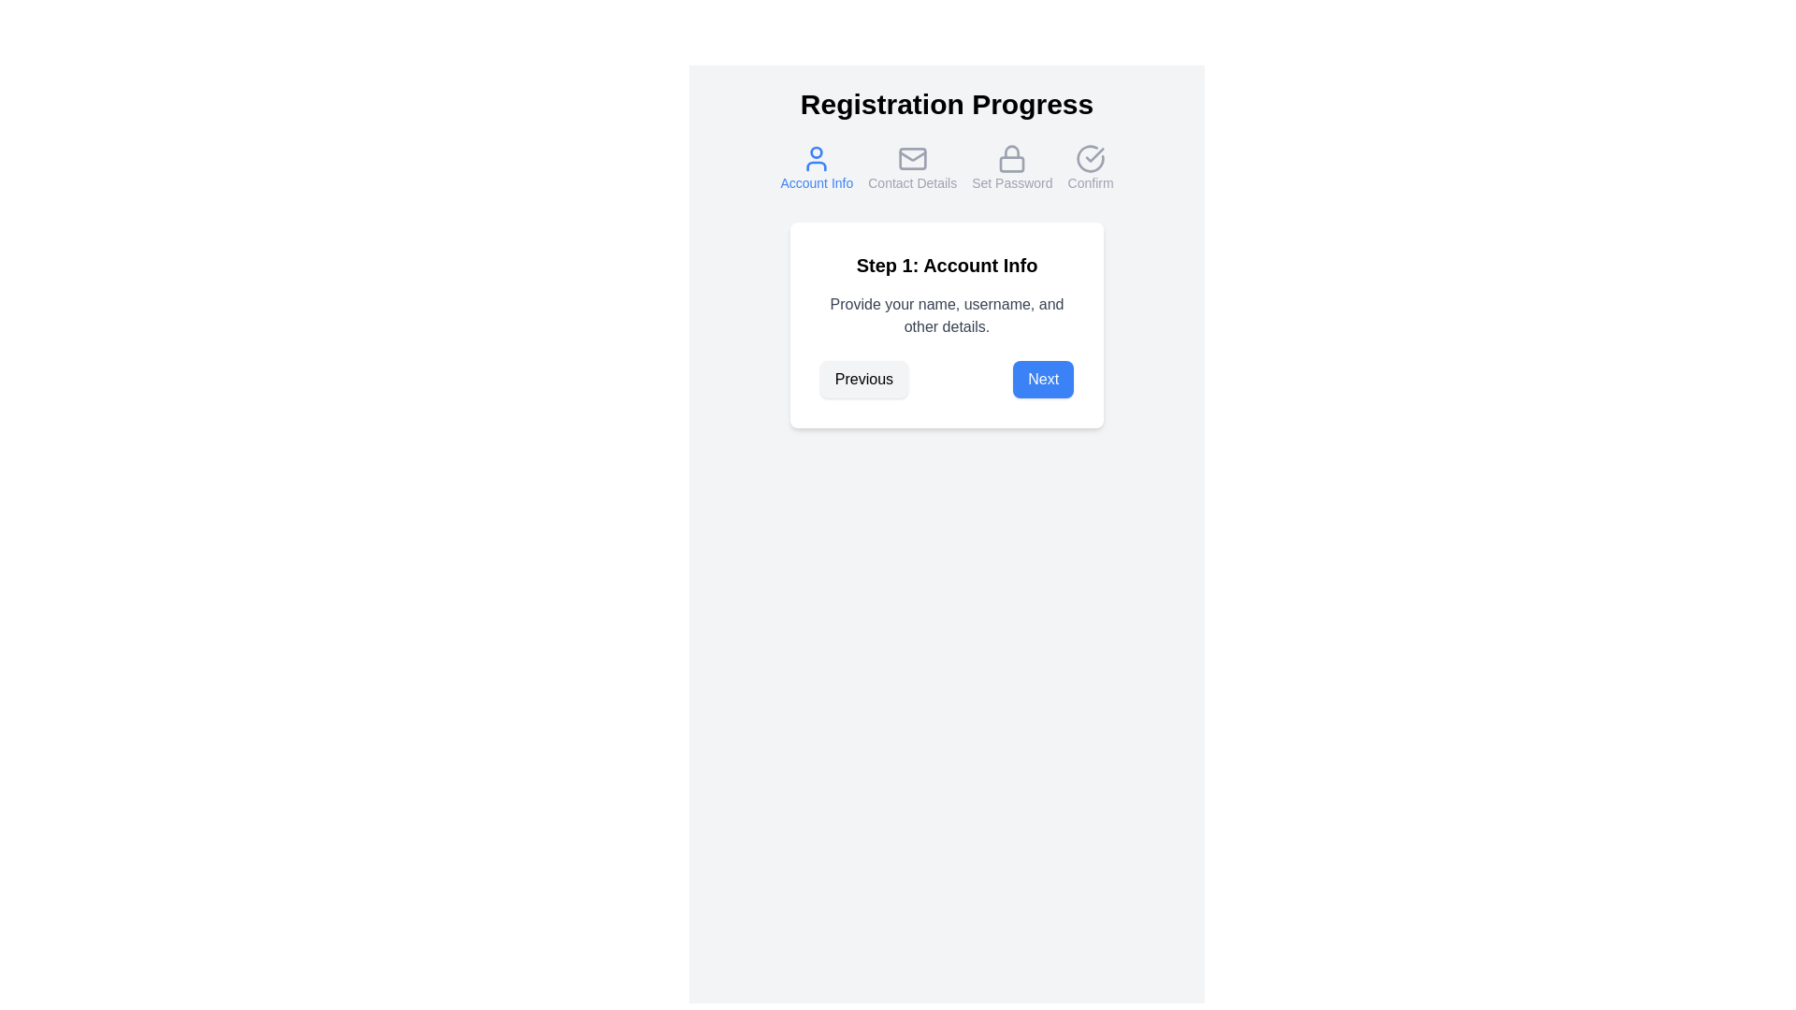 This screenshot has width=1796, height=1010. What do you see at coordinates (1011, 183) in the screenshot?
I see `the non-interactive text label that describes the password setting step in the registration flow, located below the lock icon` at bounding box center [1011, 183].